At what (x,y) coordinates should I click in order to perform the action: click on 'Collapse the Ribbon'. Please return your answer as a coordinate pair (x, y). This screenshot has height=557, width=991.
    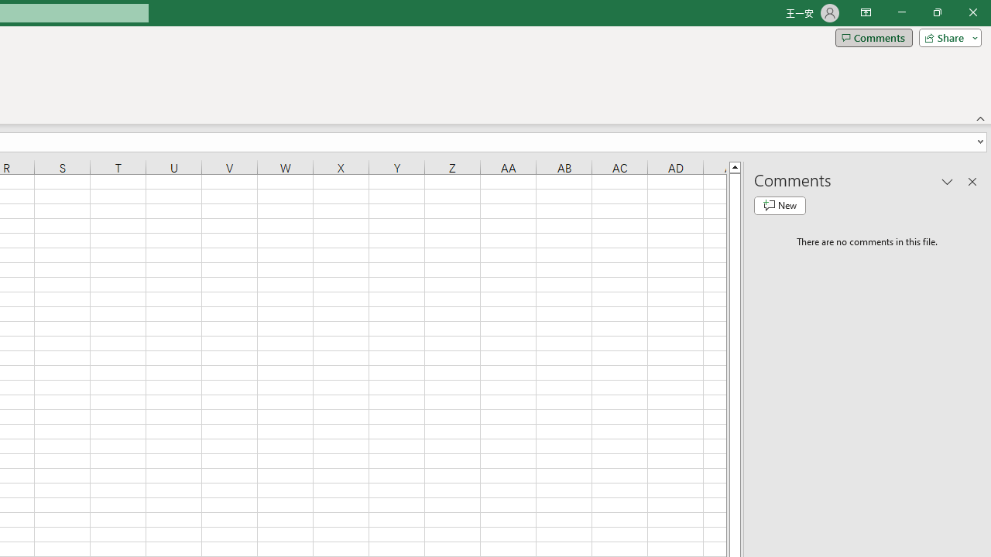
    Looking at the image, I should click on (980, 118).